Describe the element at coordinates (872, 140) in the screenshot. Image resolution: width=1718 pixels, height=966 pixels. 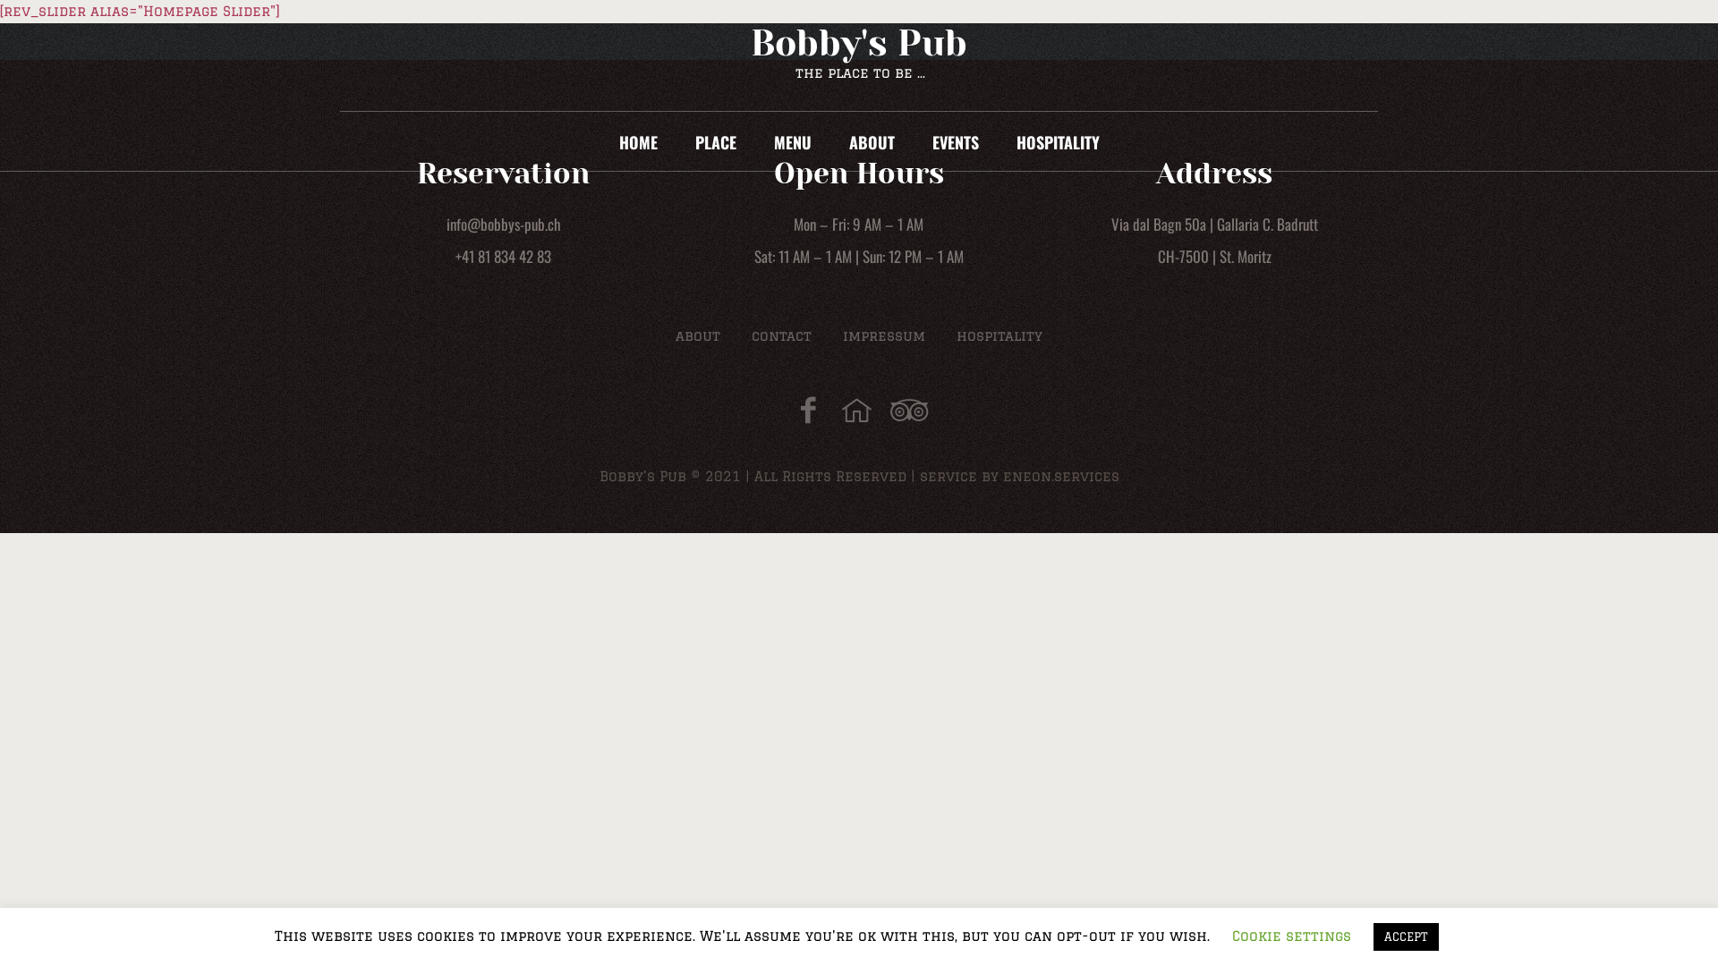
I see `'ABOUT'` at that location.